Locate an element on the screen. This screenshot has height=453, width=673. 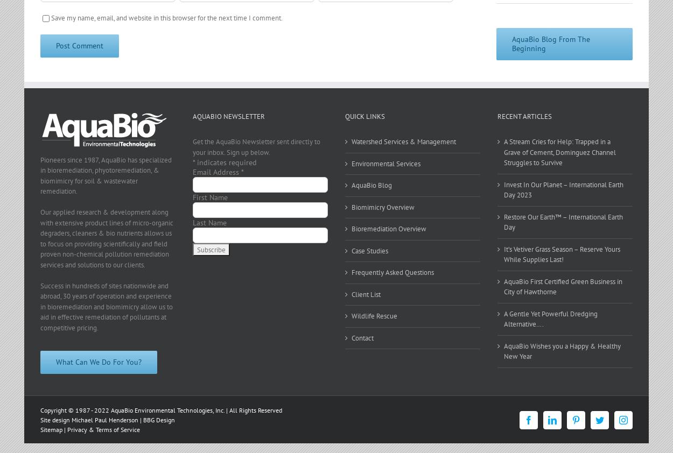
'Success in hundreds of sites nationwide and abroad, 30 years of operation and experience in bioremediation and biomimicry allow us to aid in effective remediation of pollutants at competitive pricing.' is located at coordinates (106, 306).